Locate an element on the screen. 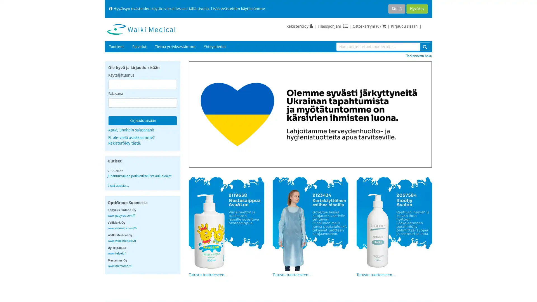 The image size is (537, 302). Kirjaudu sisaan is located at coordinates (142, 121).